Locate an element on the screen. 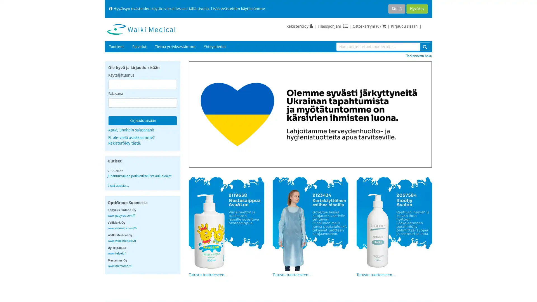 The image size is (537, 302). Kirjaudu sisaan is located at coordinates (142, 121).